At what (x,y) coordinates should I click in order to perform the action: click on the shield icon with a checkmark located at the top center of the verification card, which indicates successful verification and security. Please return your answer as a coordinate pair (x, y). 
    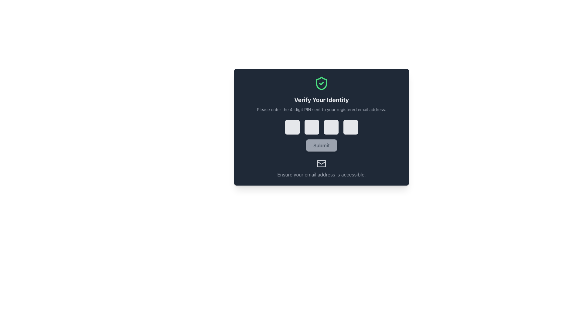
    Looking at the image, I should click on (321, 83).